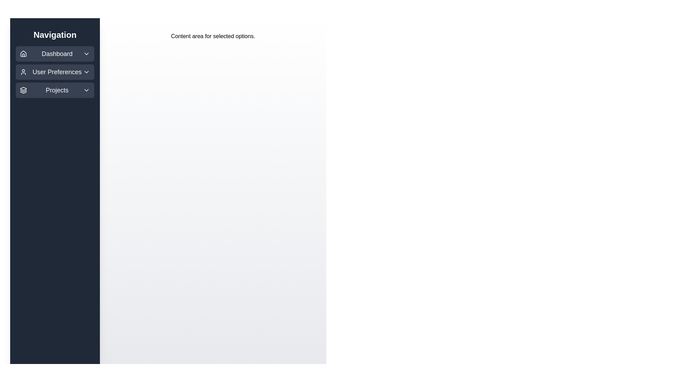 This screenshot has height=378, width=673. Describe the element at coordinates (86, 90) in the screenshot. I see `the Dropdown toggle icon for the 'Projects' navigation item` at that location.